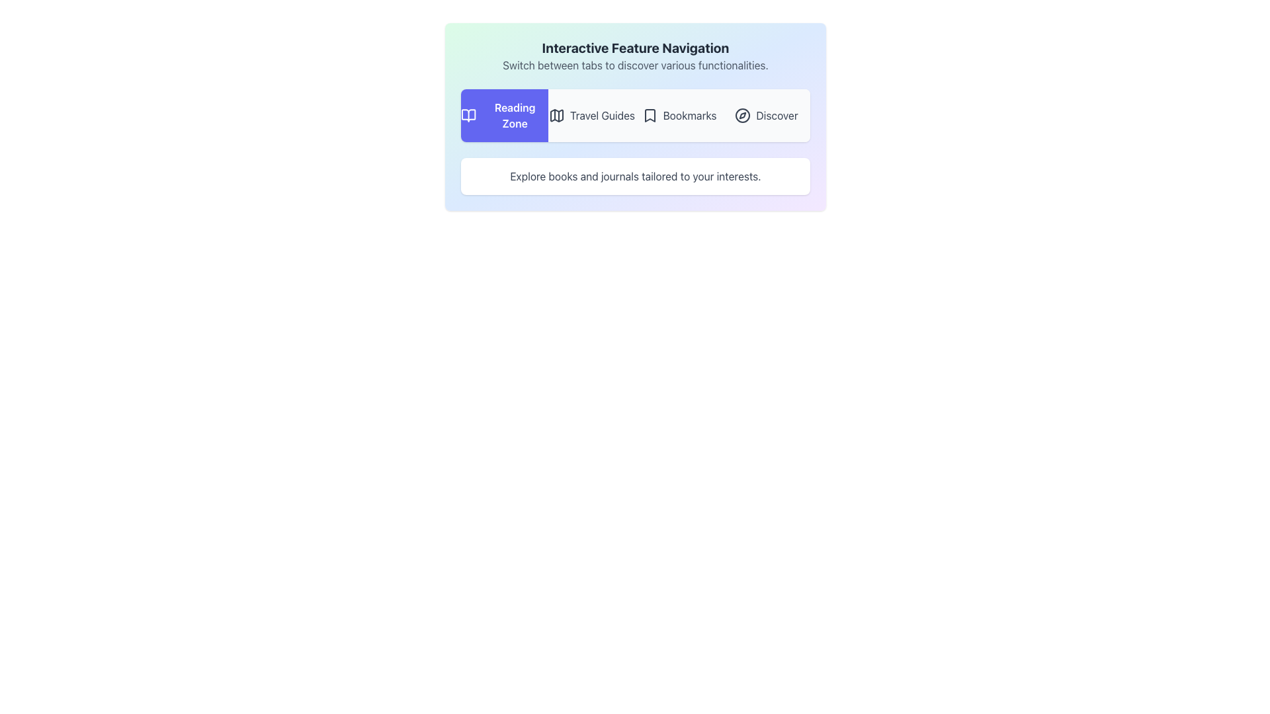 The width and height of the screenshot is (1270, 714). What do you see at coordinates (766, 114) in the screenshot?
I see `the fourth navigation tab, which is positioned after 'Reading Zone', 'Travel Guides', and 'Bookmarks'` at bounding box center [766, 114].